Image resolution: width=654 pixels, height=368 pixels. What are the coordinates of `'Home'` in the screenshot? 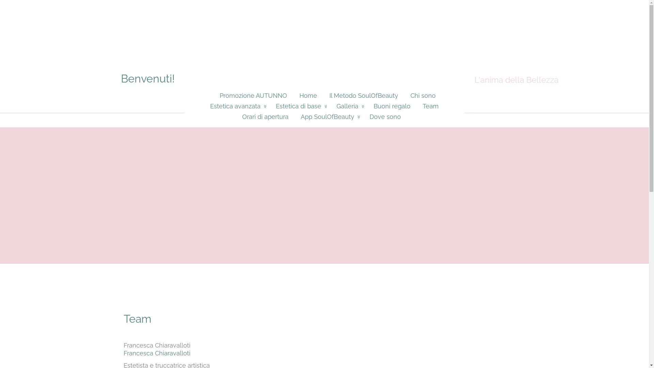 It's located at (293, 95).